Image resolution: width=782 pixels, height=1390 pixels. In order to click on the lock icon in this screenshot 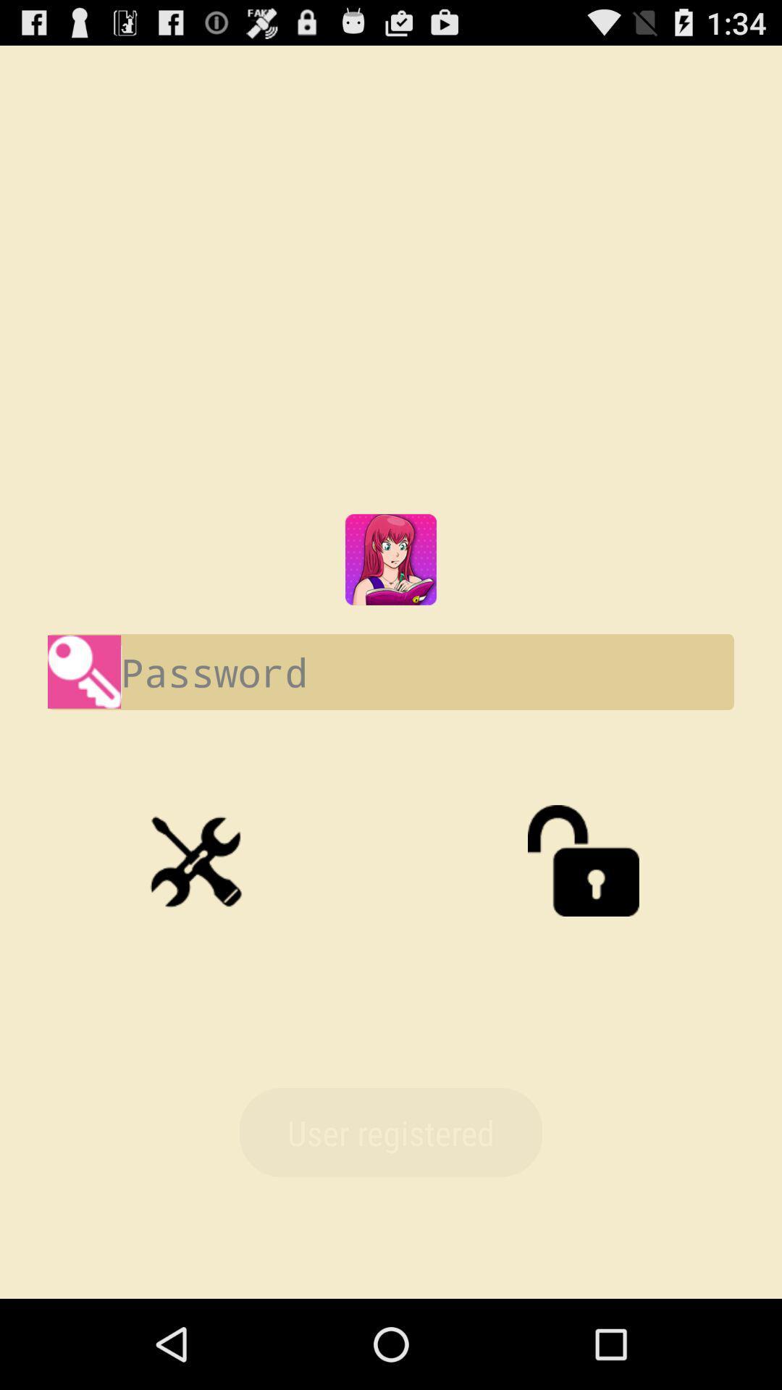, I will do `click(582, 920)`.